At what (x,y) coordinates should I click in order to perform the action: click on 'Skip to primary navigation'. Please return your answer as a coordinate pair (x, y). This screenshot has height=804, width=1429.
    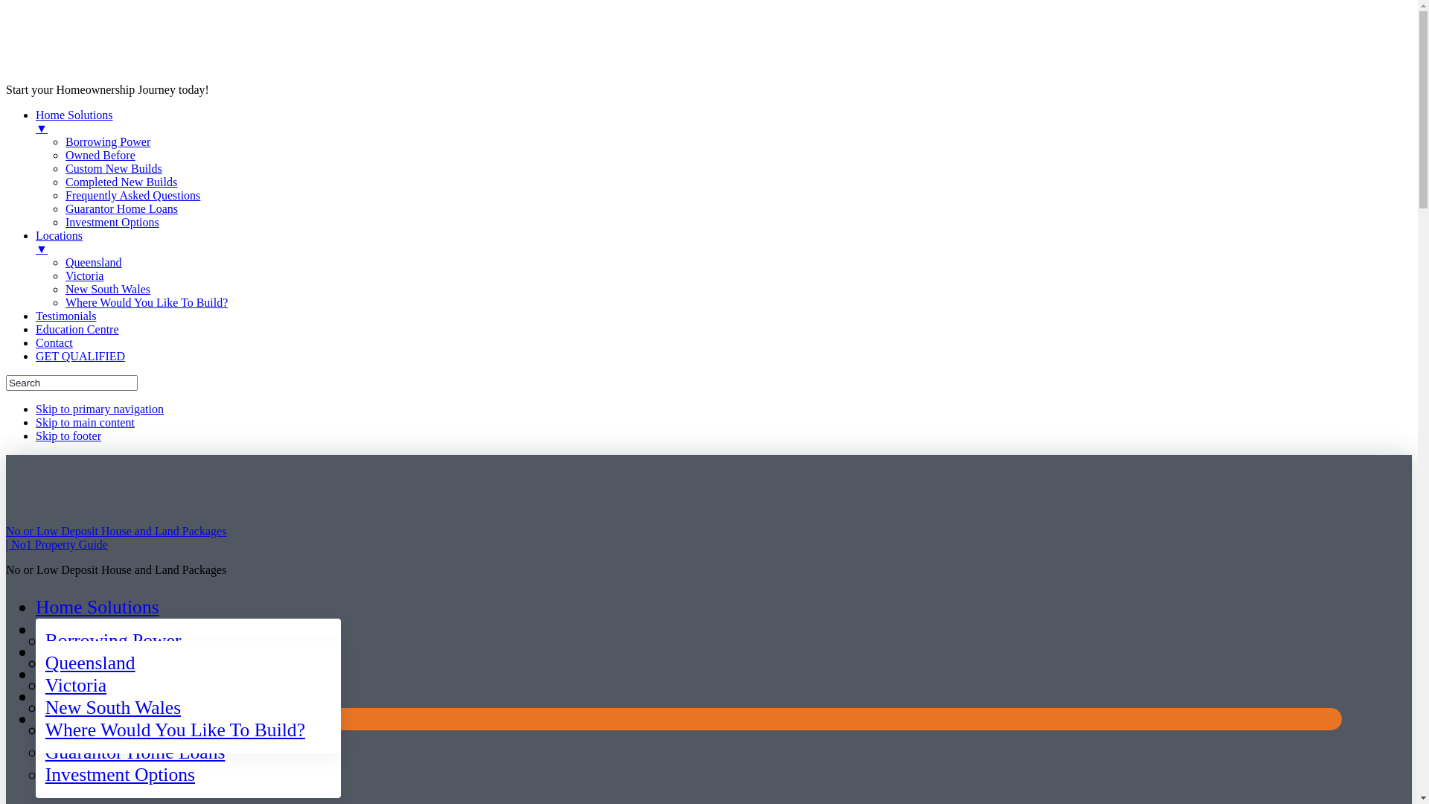
    Looking at the image, I should click on (99, 409).